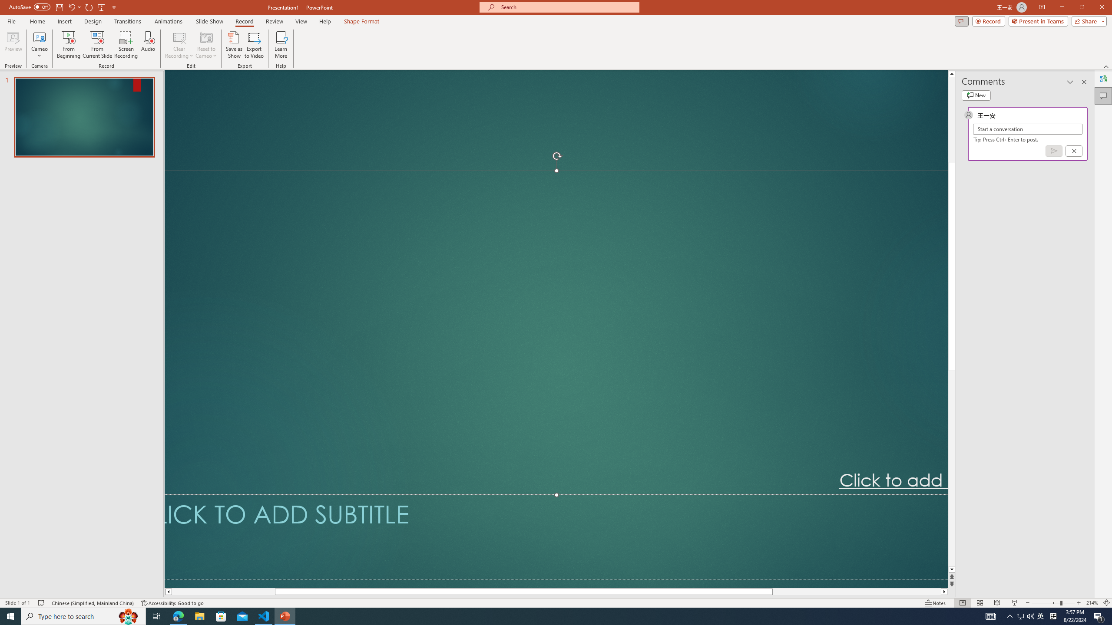  What do you see at coordinates (1053, 151) in the screenshot?
I see `'Post comment (Ctrl + Enter)'` at bounding box center [1053, 151].